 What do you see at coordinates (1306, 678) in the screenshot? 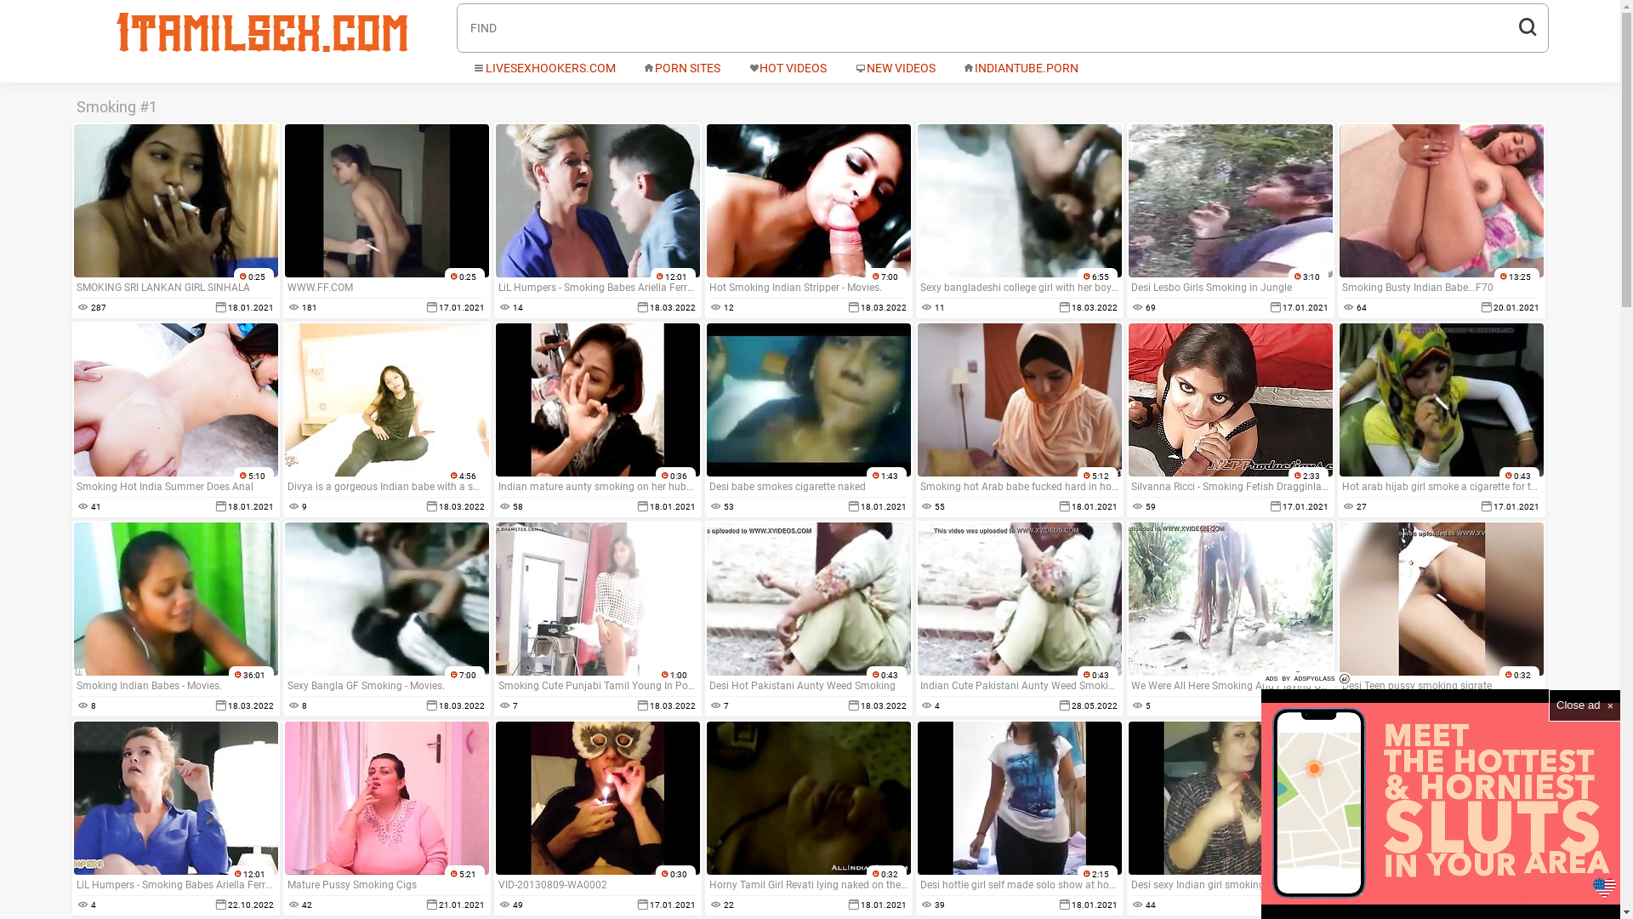
I see `'ADS BY ADSPYGLASS'` at bounding box center [1306, 678].